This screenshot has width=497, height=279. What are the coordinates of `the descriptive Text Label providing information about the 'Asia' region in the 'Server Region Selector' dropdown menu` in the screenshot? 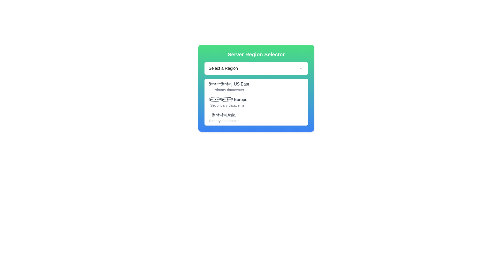 It's located at (224, 121).